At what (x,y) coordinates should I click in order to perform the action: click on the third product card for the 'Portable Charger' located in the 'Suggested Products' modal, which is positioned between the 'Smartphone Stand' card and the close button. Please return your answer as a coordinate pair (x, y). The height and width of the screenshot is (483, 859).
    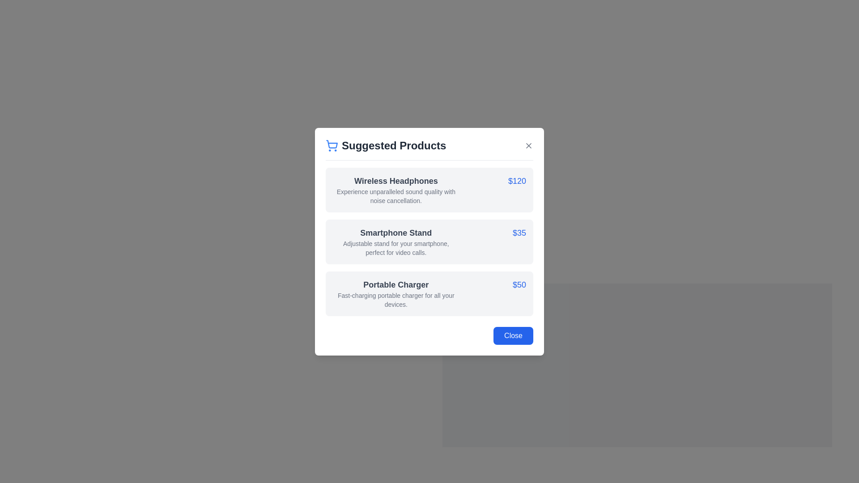
    Looking at the image, I should click on (429, 293).